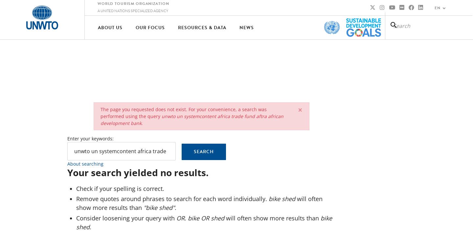  What do you see at coordinates (110, 27) in the screenshot?
I see `'About Us'` at bounding box center [110, 27].